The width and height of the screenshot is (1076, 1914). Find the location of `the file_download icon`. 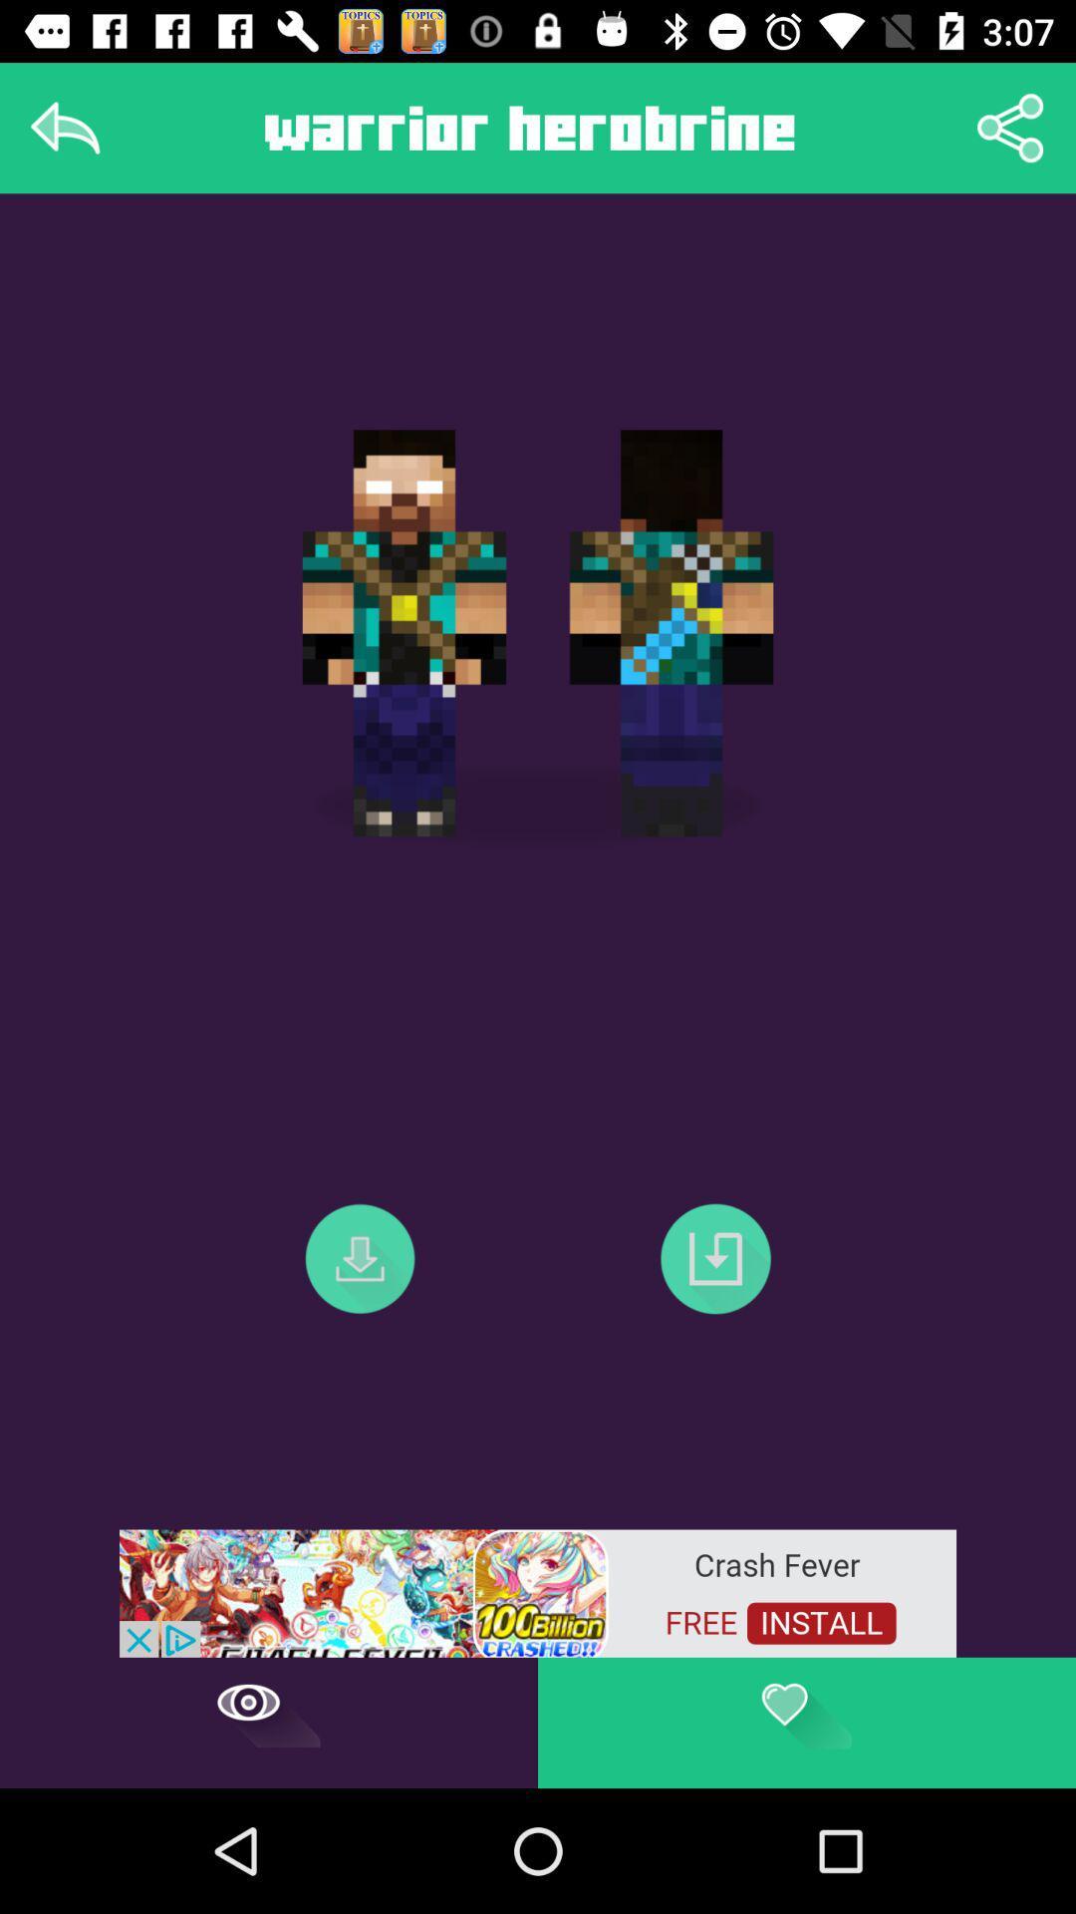

the file_download icon is located at coordinates (714, 1257).